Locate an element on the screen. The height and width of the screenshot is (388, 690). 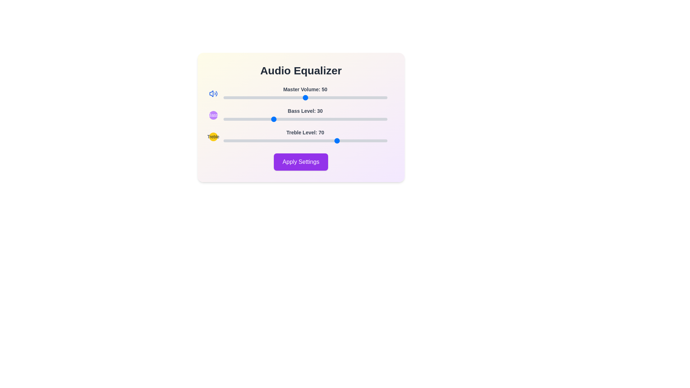
the master volume is located at coordinates (238, 98).